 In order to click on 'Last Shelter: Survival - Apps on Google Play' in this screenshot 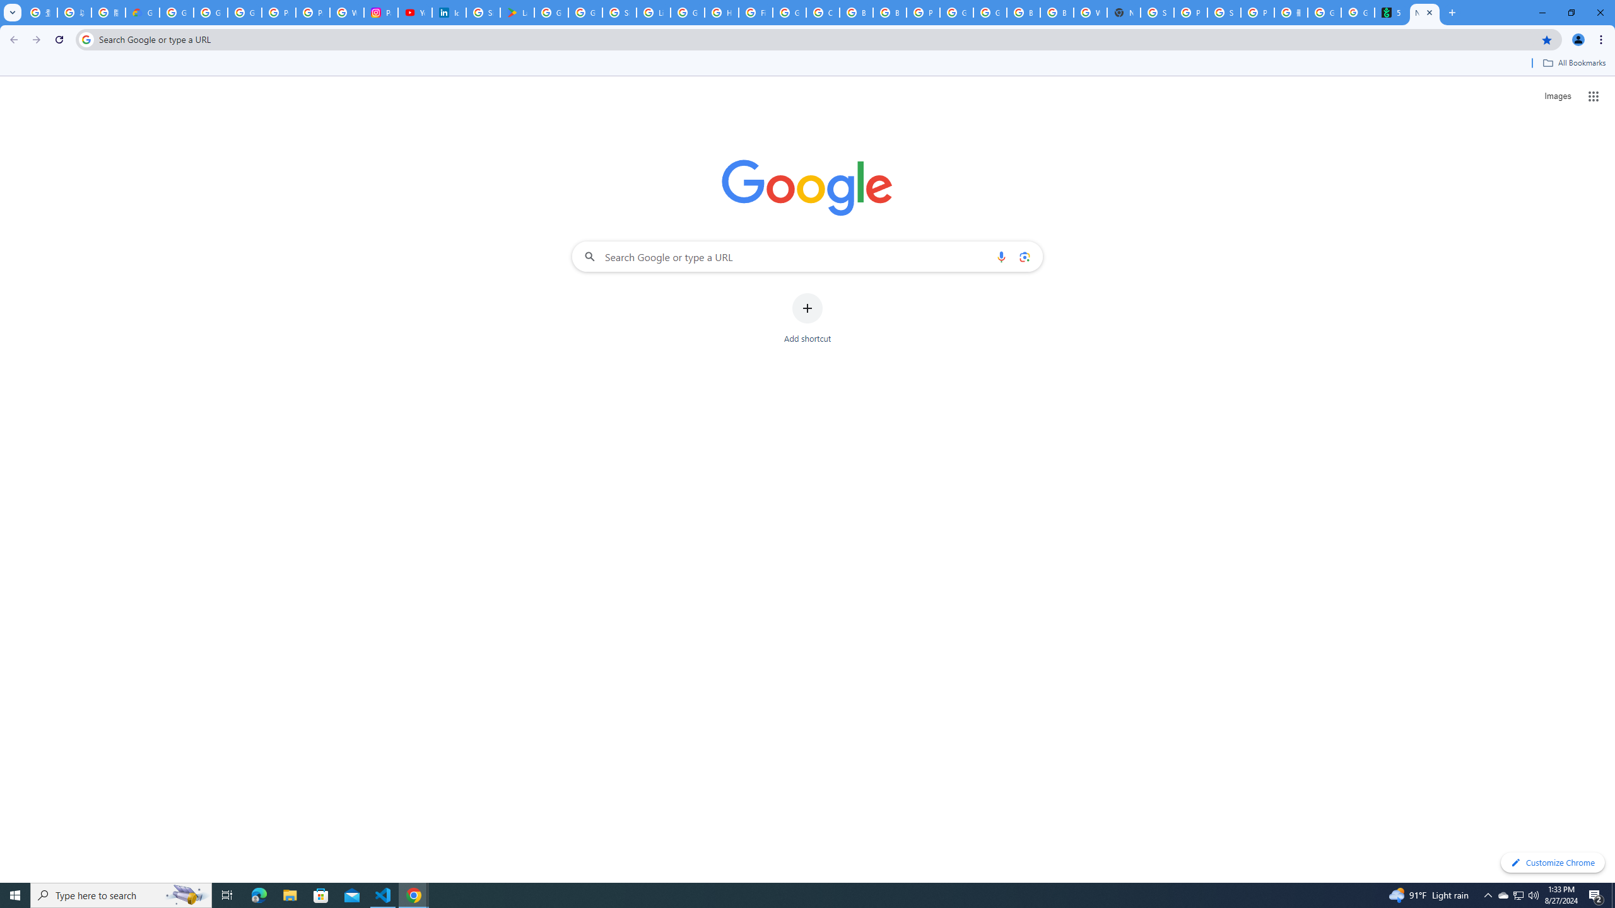, I will do `click(517, 12)`.